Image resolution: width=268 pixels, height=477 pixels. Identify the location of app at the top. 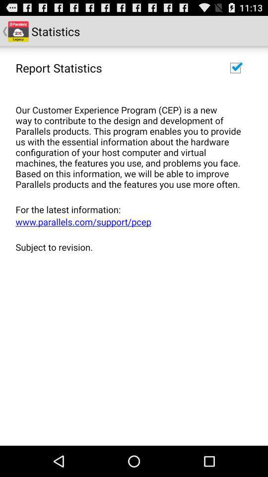
(131, 141).